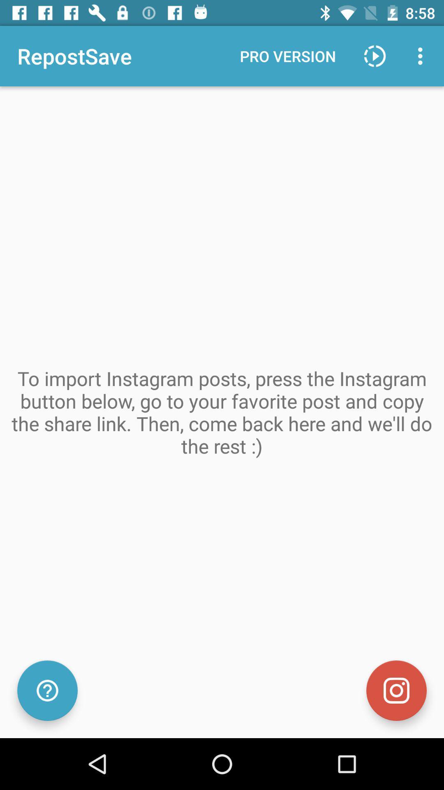  Describe the element at coordinates (287, 56) in the screenshot. I see `the pro version` at that location.